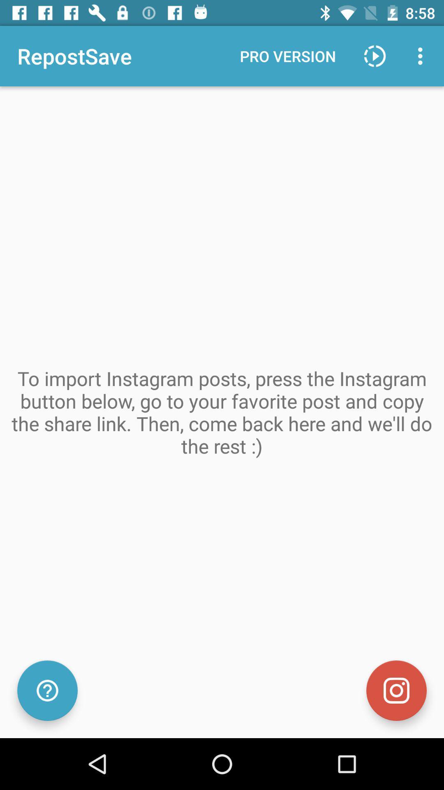  Describe the element at coordinates (287, 56) in the screenshot. I see `the pro version` at that location.